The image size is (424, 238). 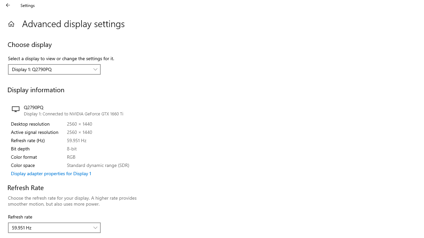 I want to click on 'Display adapter properties for Display 1', so click(x=51, y=173).